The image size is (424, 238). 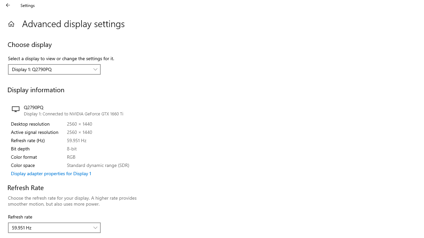 I want to click on 'Display adapter properties for Display 1', so click(x=51, y=173).